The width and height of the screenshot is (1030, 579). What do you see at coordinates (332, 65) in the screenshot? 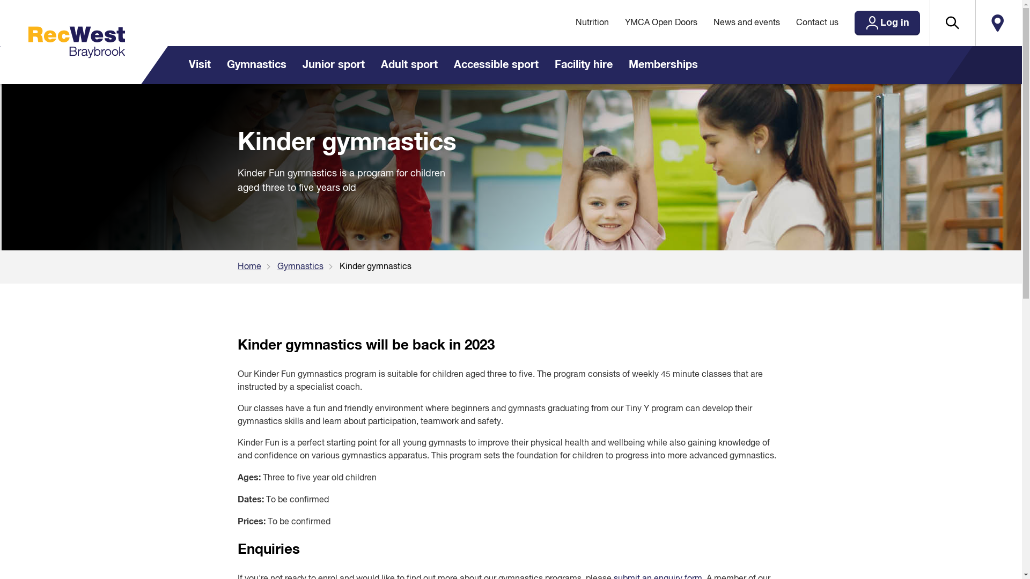
I see `'Junior sport'` at bounding box center [332, 65].